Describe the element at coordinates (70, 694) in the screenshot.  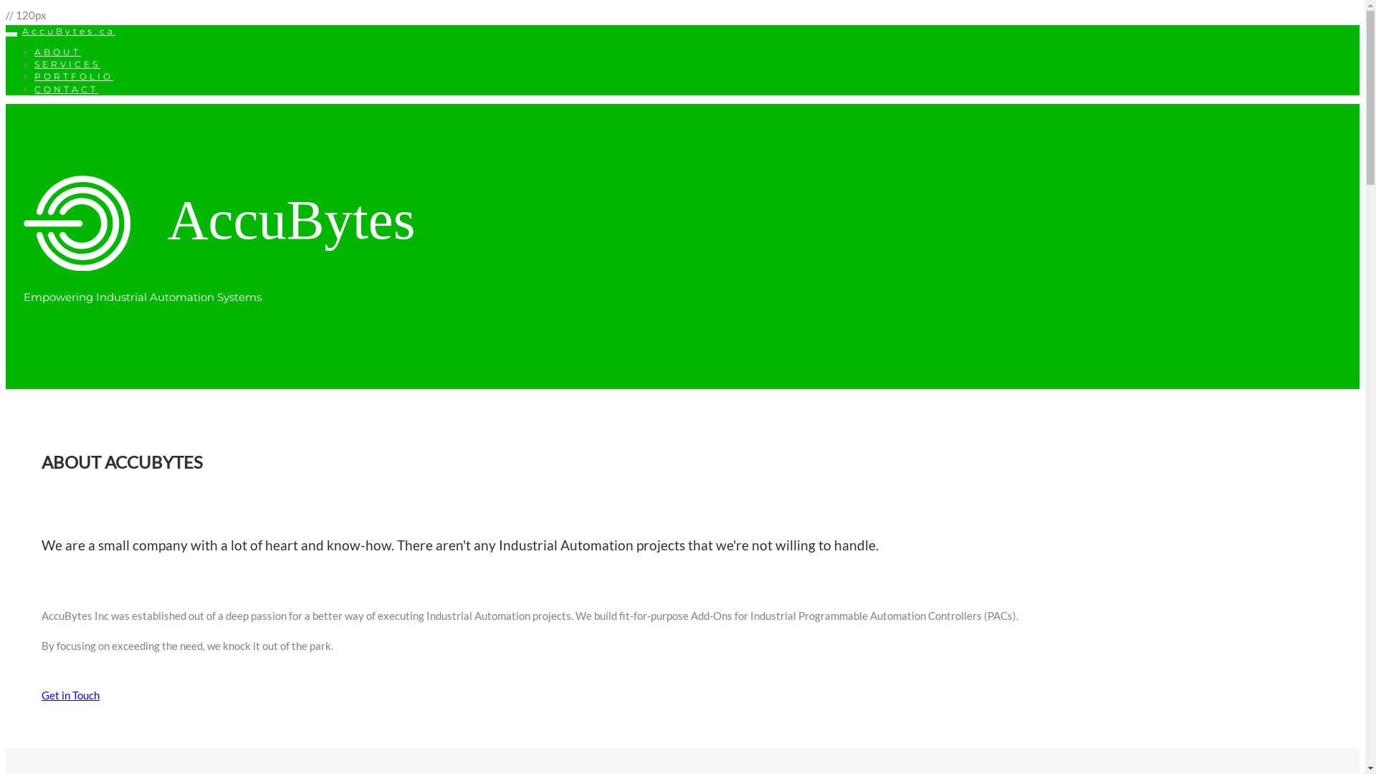
I see `'Get in Touch'` at that location.